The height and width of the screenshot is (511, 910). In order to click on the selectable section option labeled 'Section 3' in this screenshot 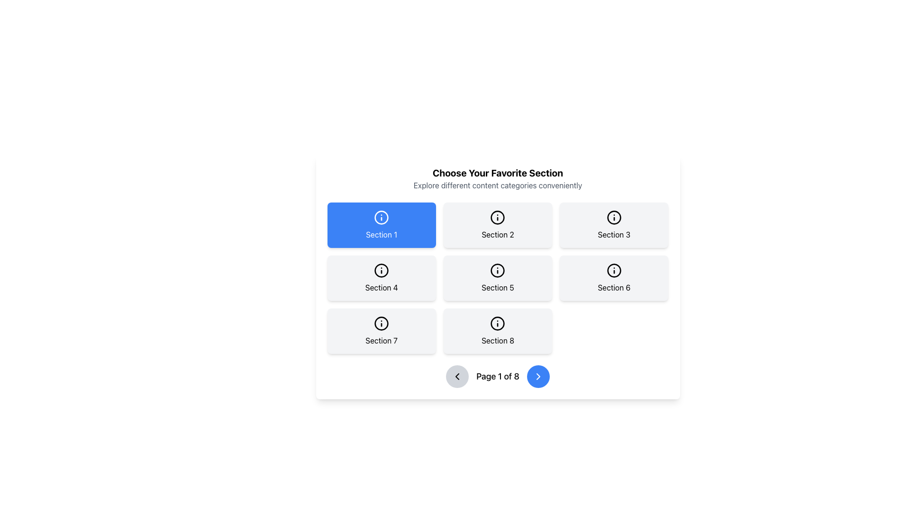, I will do `click(614, 225)`.